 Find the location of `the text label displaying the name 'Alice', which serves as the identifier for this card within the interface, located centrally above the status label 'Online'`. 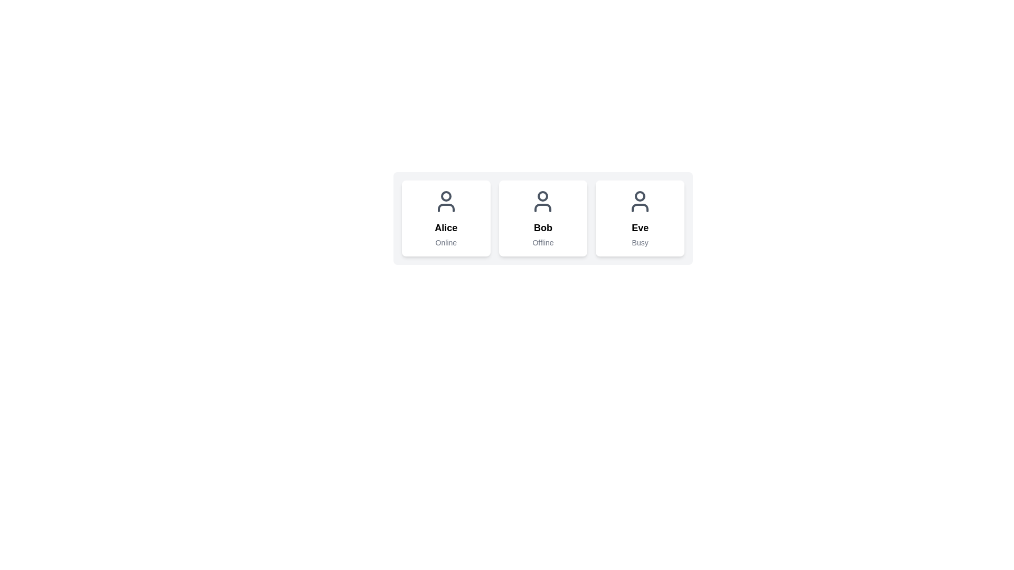

the text label displaying the name 'Alice', which serves as the identifier for this card within the interface, located centrally above the status label 'Online' is located at coordinates (446, 227).